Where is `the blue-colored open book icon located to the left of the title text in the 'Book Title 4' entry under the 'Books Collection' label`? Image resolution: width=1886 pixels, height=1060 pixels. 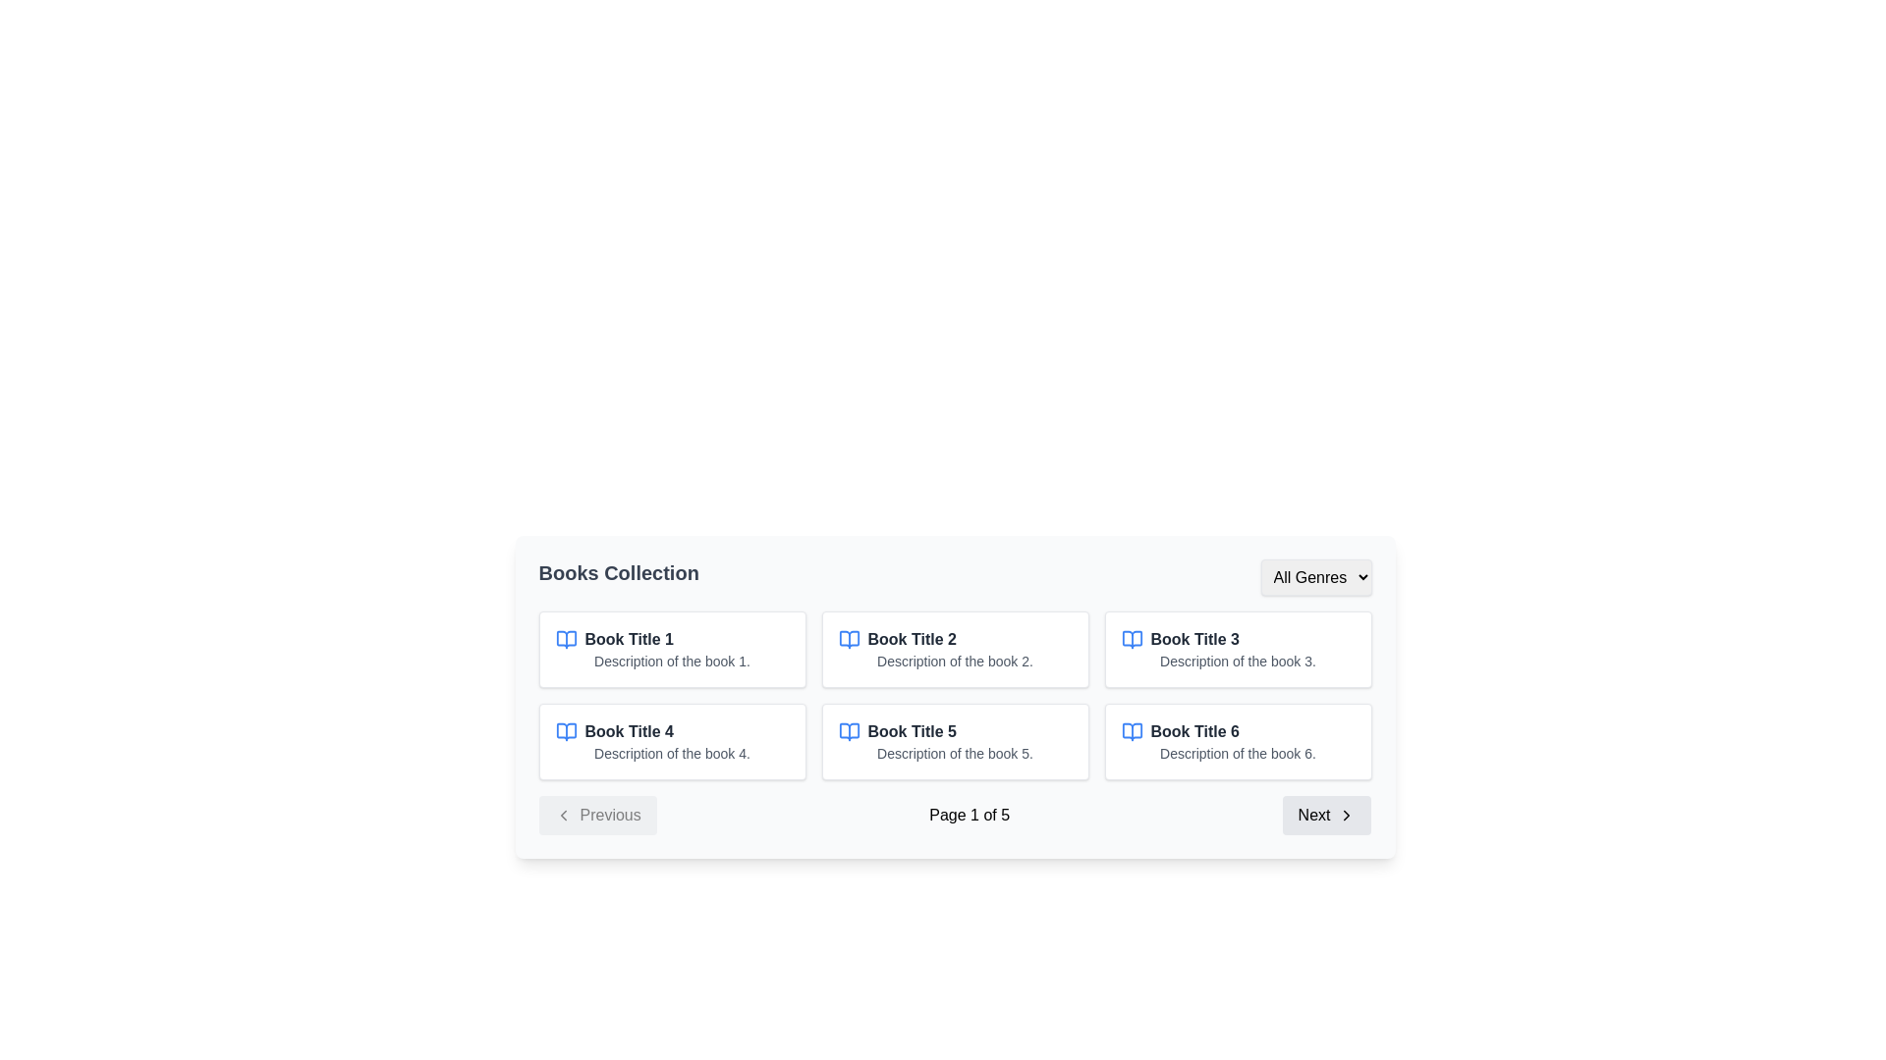
the blue-colored open book icon located to the left of the title text in the 'Book Title 4' entry under the 'Books Collection' label is located at coordinates (565, 731).